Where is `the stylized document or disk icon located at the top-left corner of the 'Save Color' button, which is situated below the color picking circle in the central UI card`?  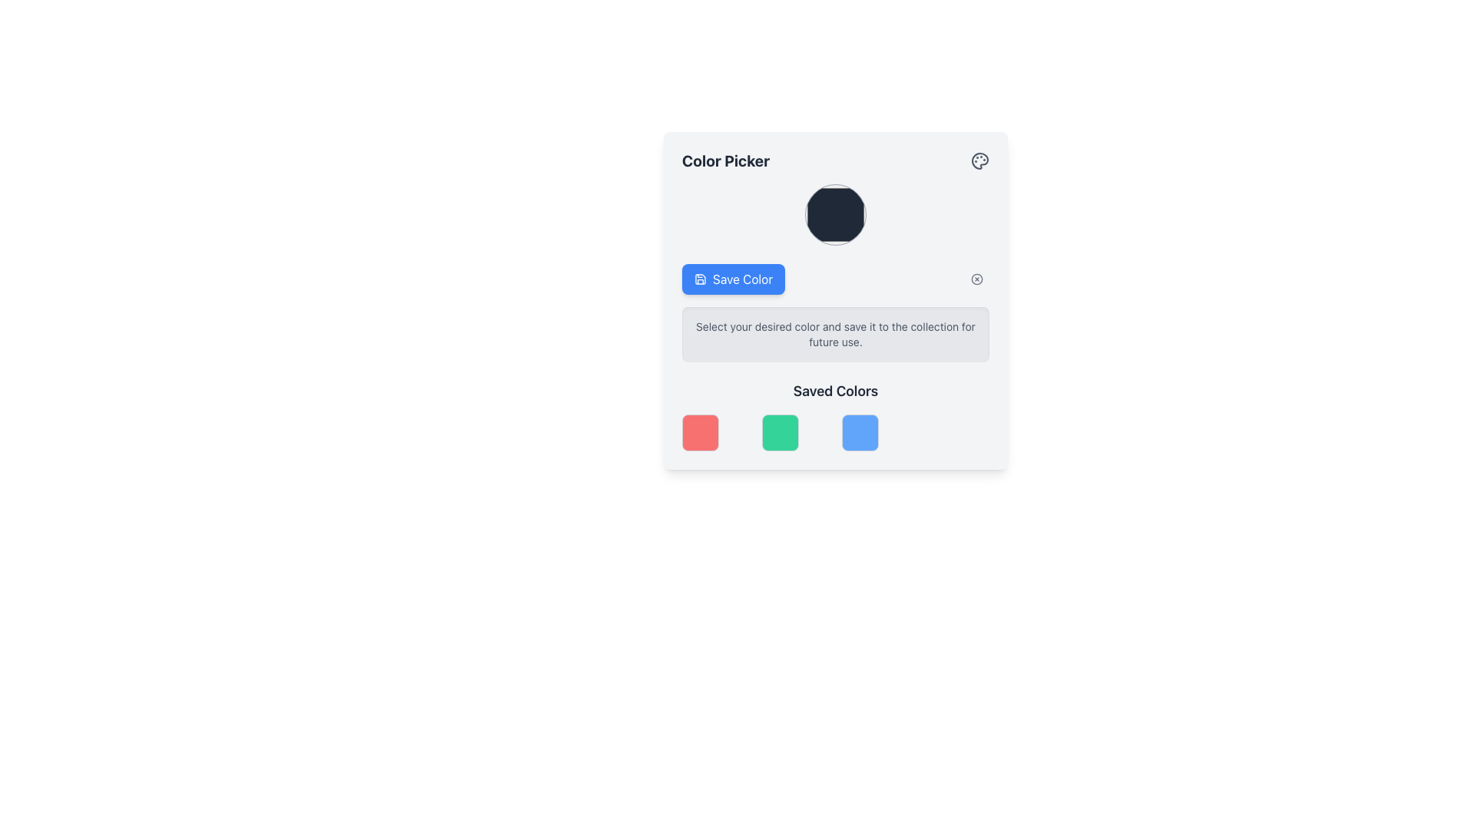
the stylized document or disk icon located at the top-left corner of the 'Save Color' button, which is situated below the color picking circle in the central UI card is located at coordinates (700, 279).